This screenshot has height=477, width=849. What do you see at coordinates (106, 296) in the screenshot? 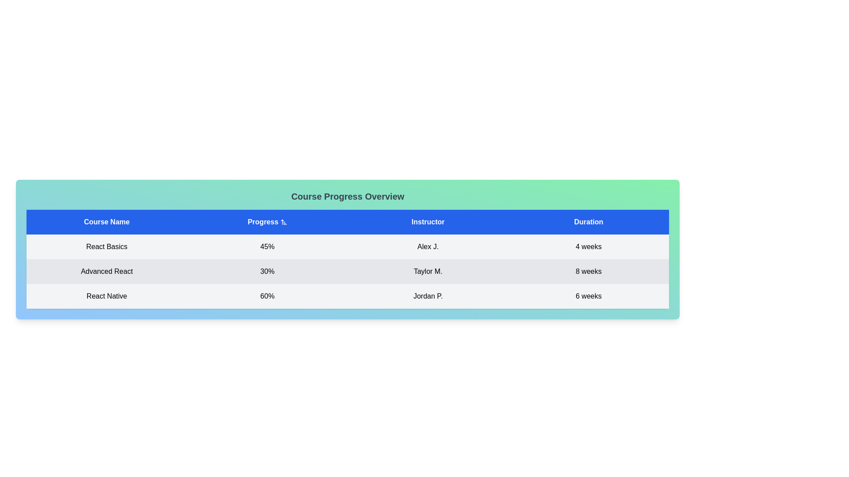
I see `the 'React Native' text label, which is styled with medium weight and centrally aligned, located in the first column of the third row under the 'Course Name' header` at bounding box center [106, 296].